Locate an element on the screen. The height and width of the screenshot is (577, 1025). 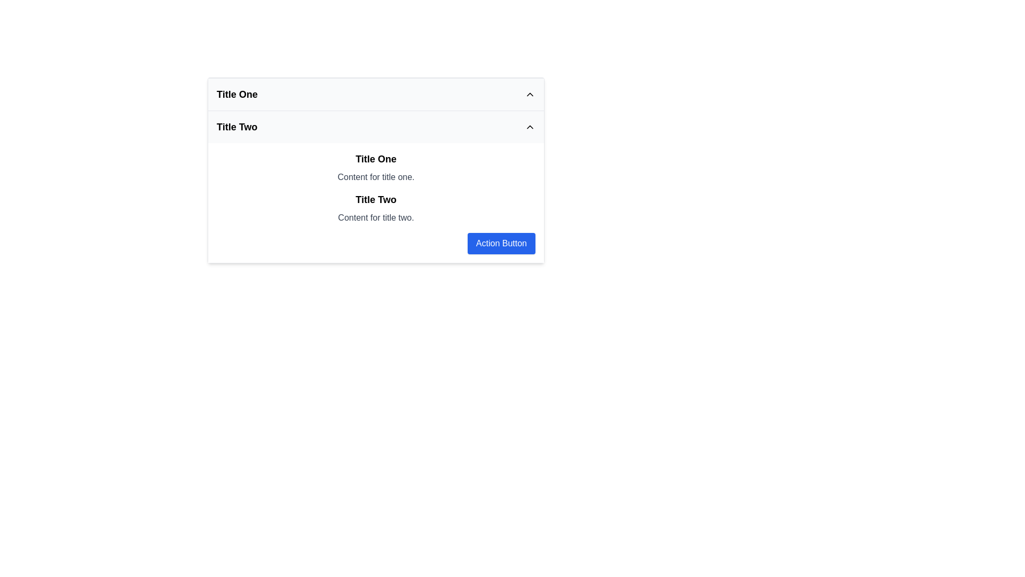
the static text element that provides supplementary information about the header 'Title Two', positioned below it within a collapsible component is located at coordinates (376, 217).